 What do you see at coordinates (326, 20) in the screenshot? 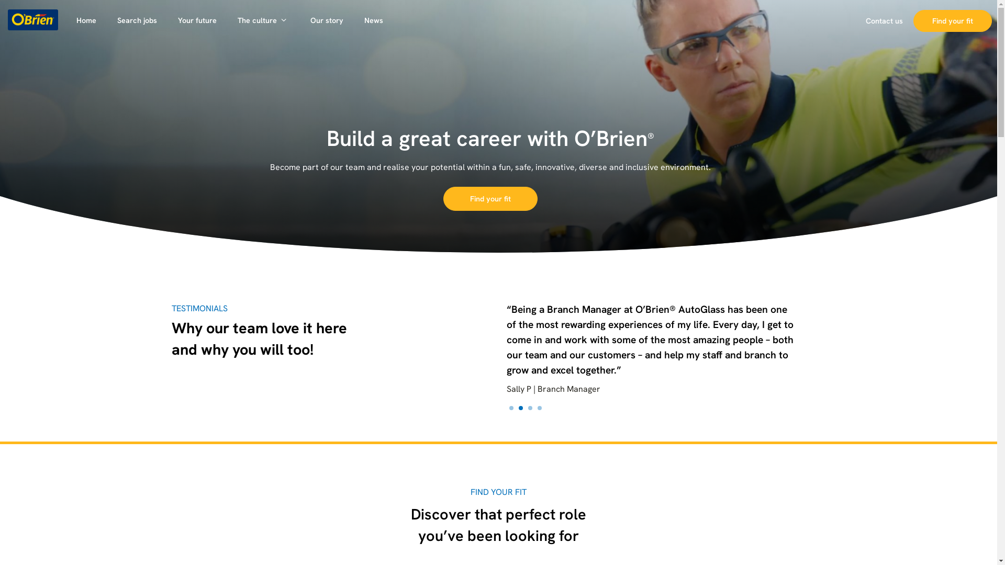
I see `'Our story'` at bounding box center [326, 20].